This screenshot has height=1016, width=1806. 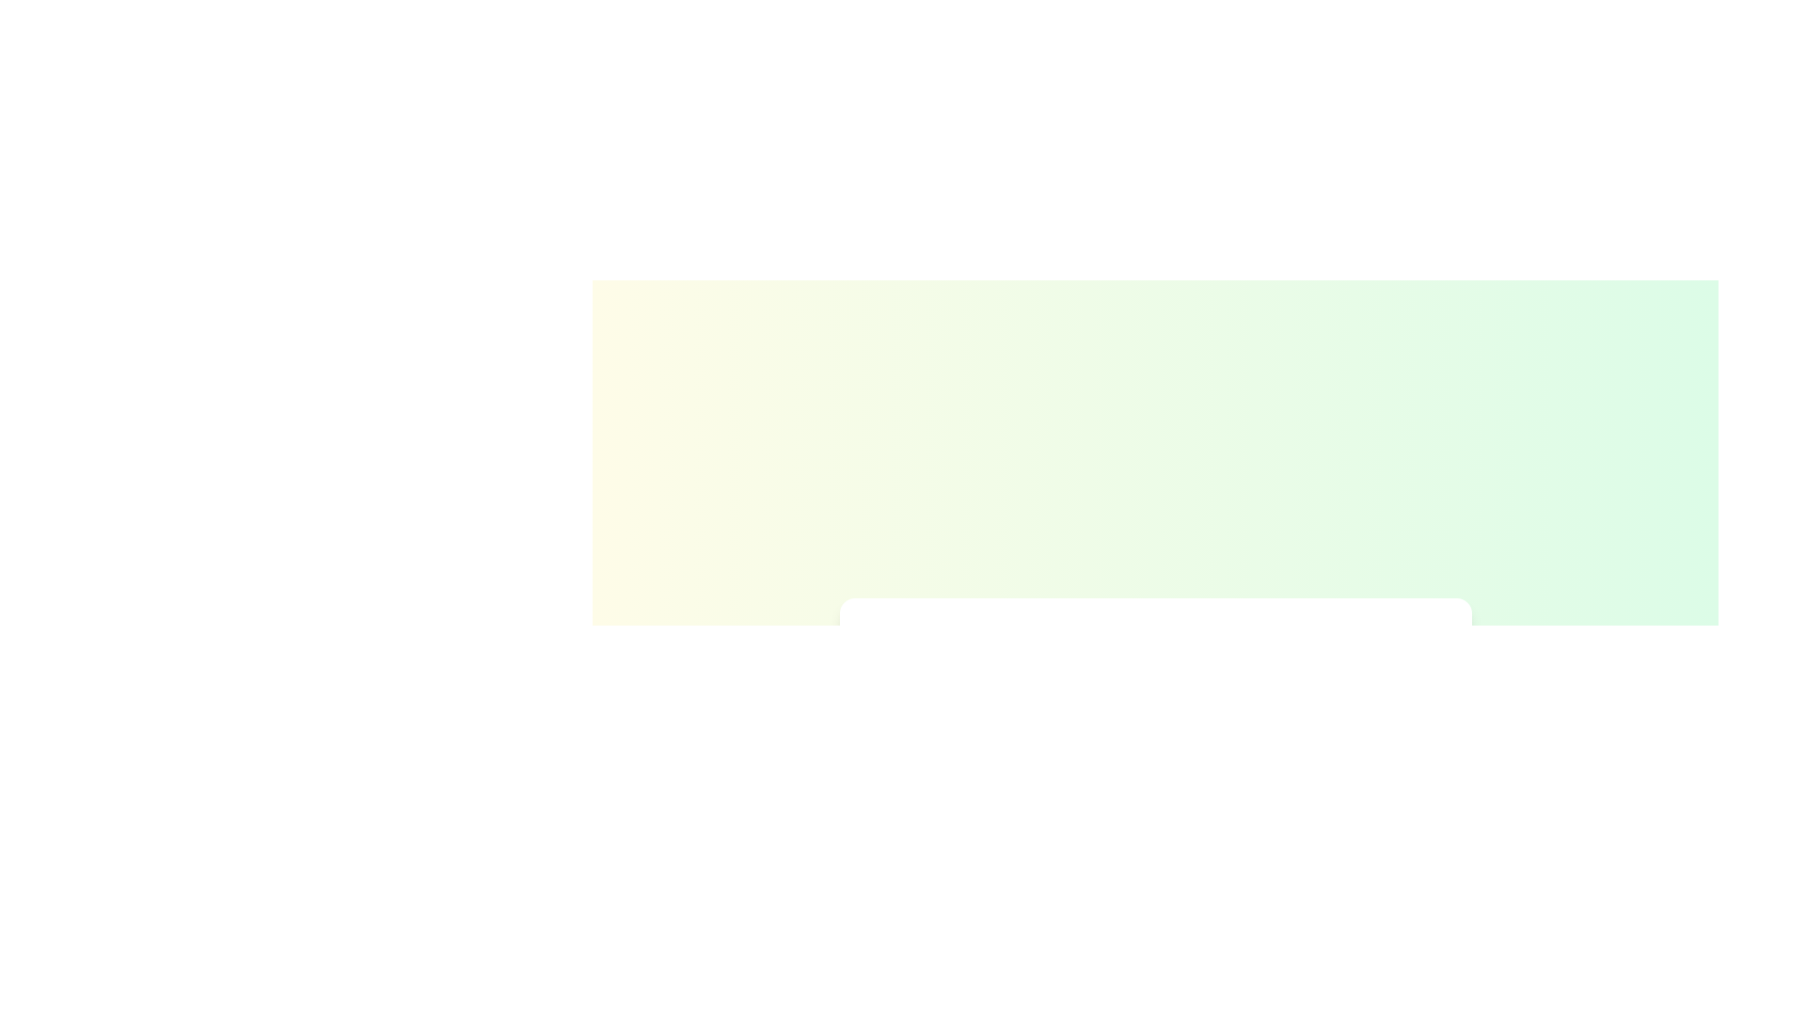 What do you see at coordinates (1319, 793) in the screenshot?
I see `the slider value` at bounding box center [1319, 793].